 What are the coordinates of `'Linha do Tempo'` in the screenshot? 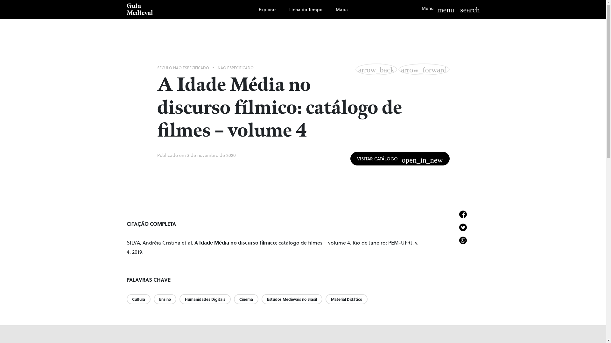 It's located at (305, 9).